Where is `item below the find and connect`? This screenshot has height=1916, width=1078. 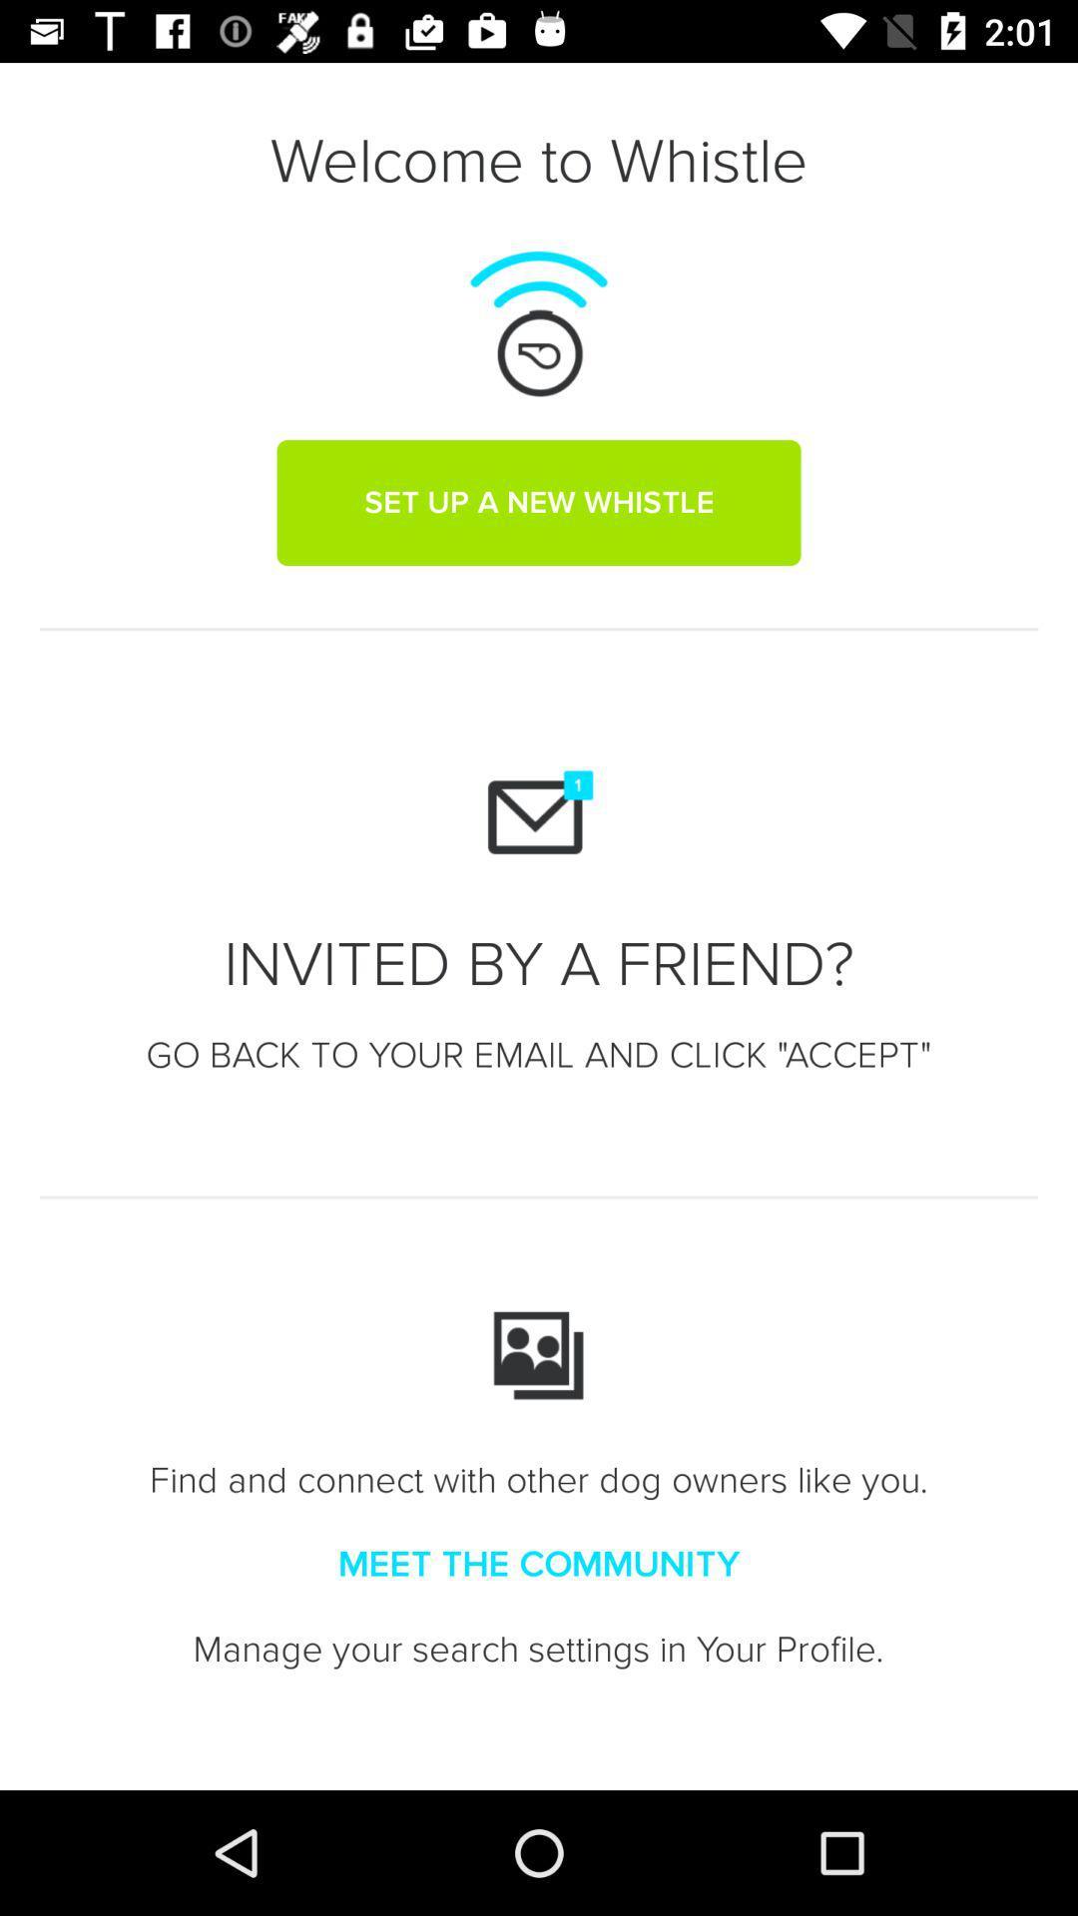 item below the find and connect is located at coordinates (539, 1564).